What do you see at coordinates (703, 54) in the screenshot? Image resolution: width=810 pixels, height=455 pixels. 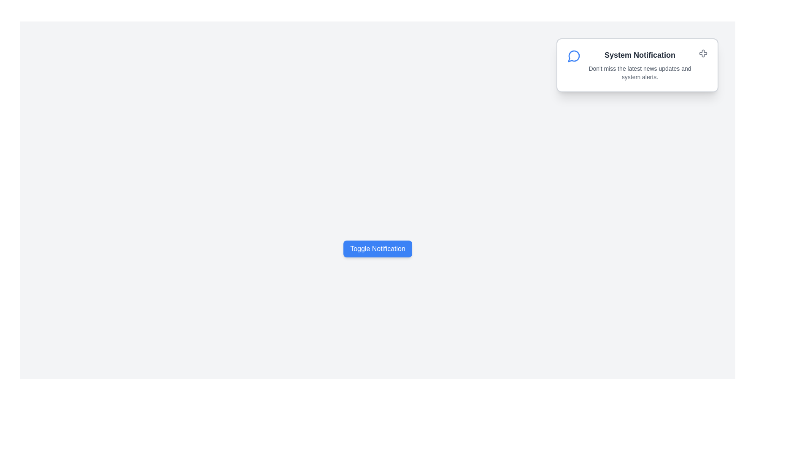 I see `the small square button with a cross icon inside, located at the top-right corner of the notification card` at bounding box center [703, 54].